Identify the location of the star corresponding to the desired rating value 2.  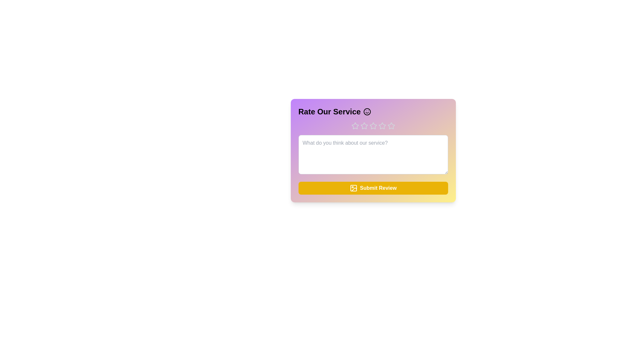
(364, 126).